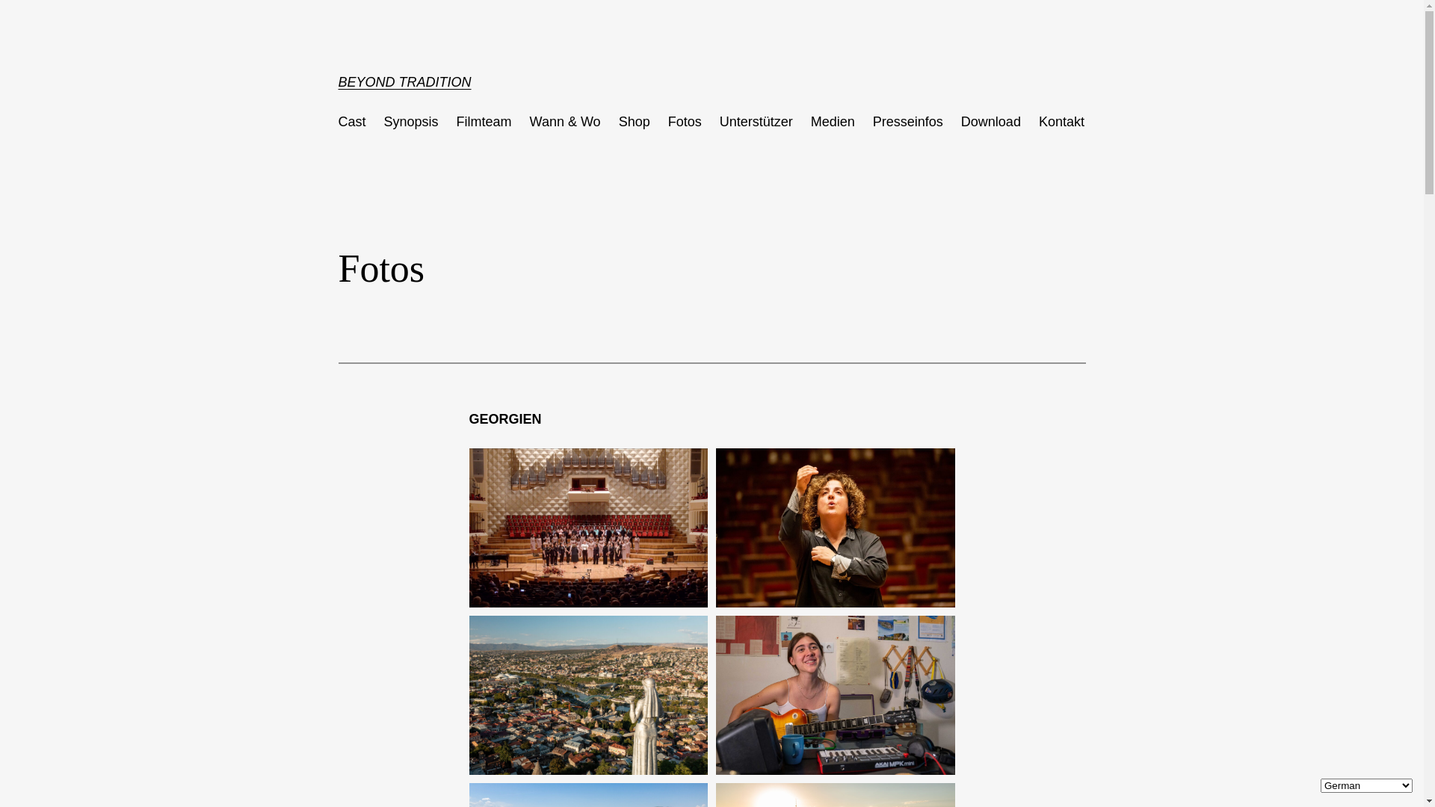 The width and height of the screenshot is (1435, 807). I want to click on 'Cast', so click(351, 121).